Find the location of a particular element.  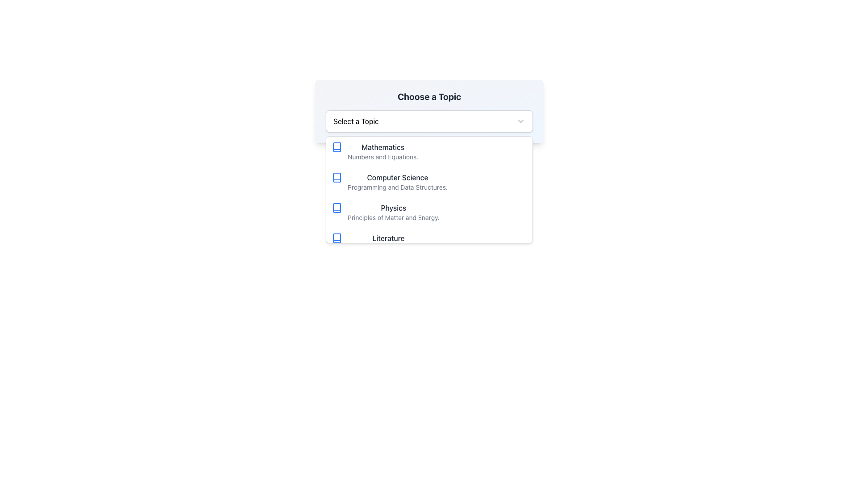

the fourth item in the dropdown menu that allows selection of 'Literature' as a topic, which includes the description 'Classics and Modern Works.' is located at coordinates (388, 242).